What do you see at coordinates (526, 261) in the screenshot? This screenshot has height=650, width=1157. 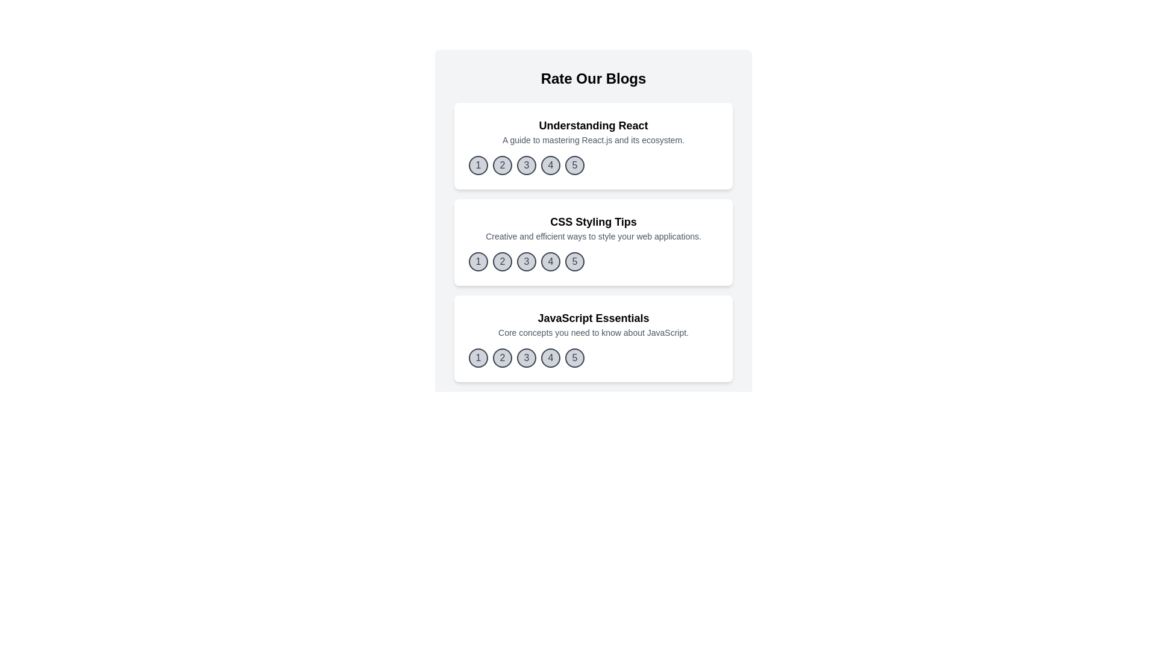 I see `the rating button corresponding to 3 for the blog titled 'CSS Styling Tips'` at bounding box center [526, 261].